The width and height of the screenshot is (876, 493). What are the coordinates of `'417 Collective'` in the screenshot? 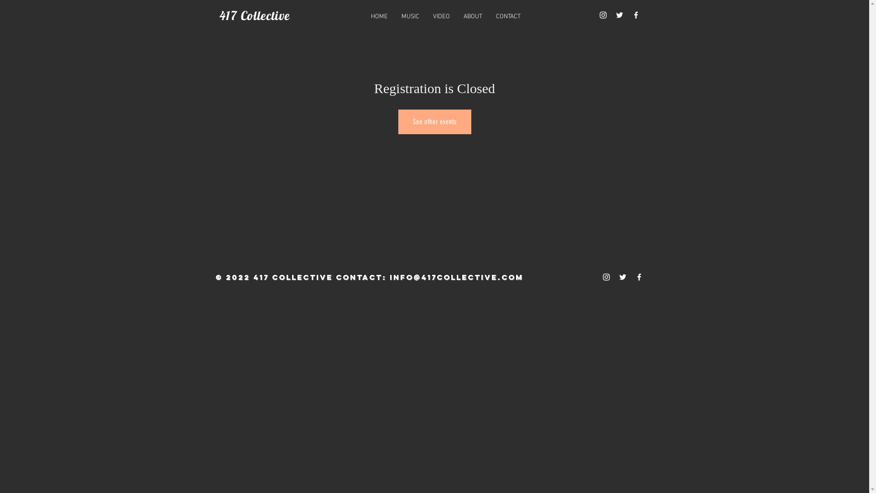 It's located at (219, 16).